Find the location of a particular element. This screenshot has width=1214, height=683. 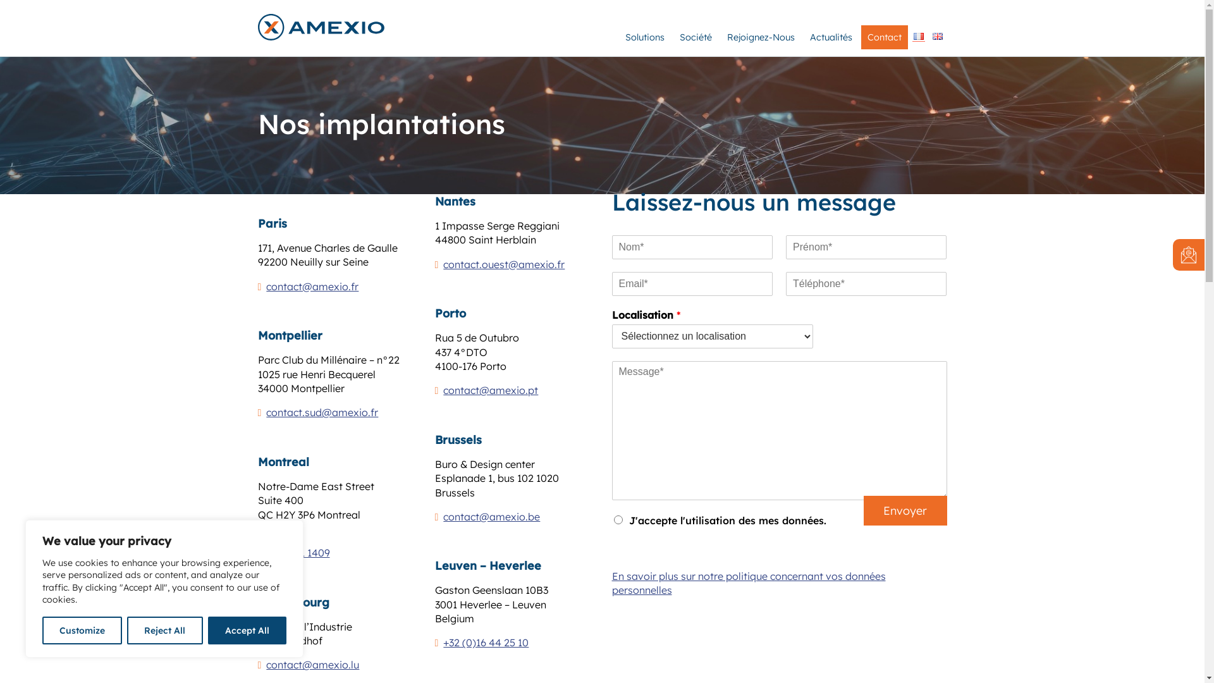

'Envoyer' is located at coordinates (863, 510).